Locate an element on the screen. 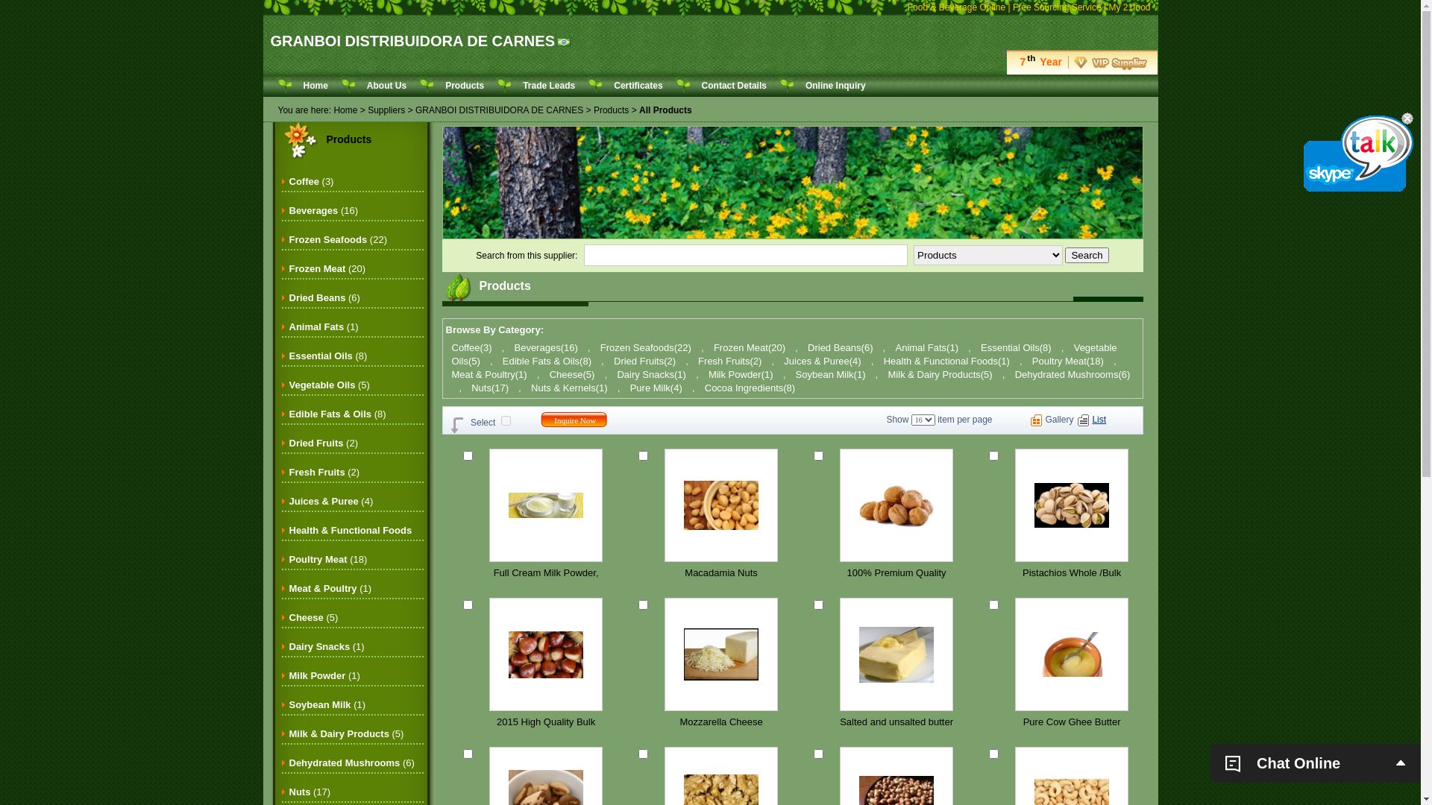  'Health & Functional Foods(1)' is located at coordinates (946, 361).